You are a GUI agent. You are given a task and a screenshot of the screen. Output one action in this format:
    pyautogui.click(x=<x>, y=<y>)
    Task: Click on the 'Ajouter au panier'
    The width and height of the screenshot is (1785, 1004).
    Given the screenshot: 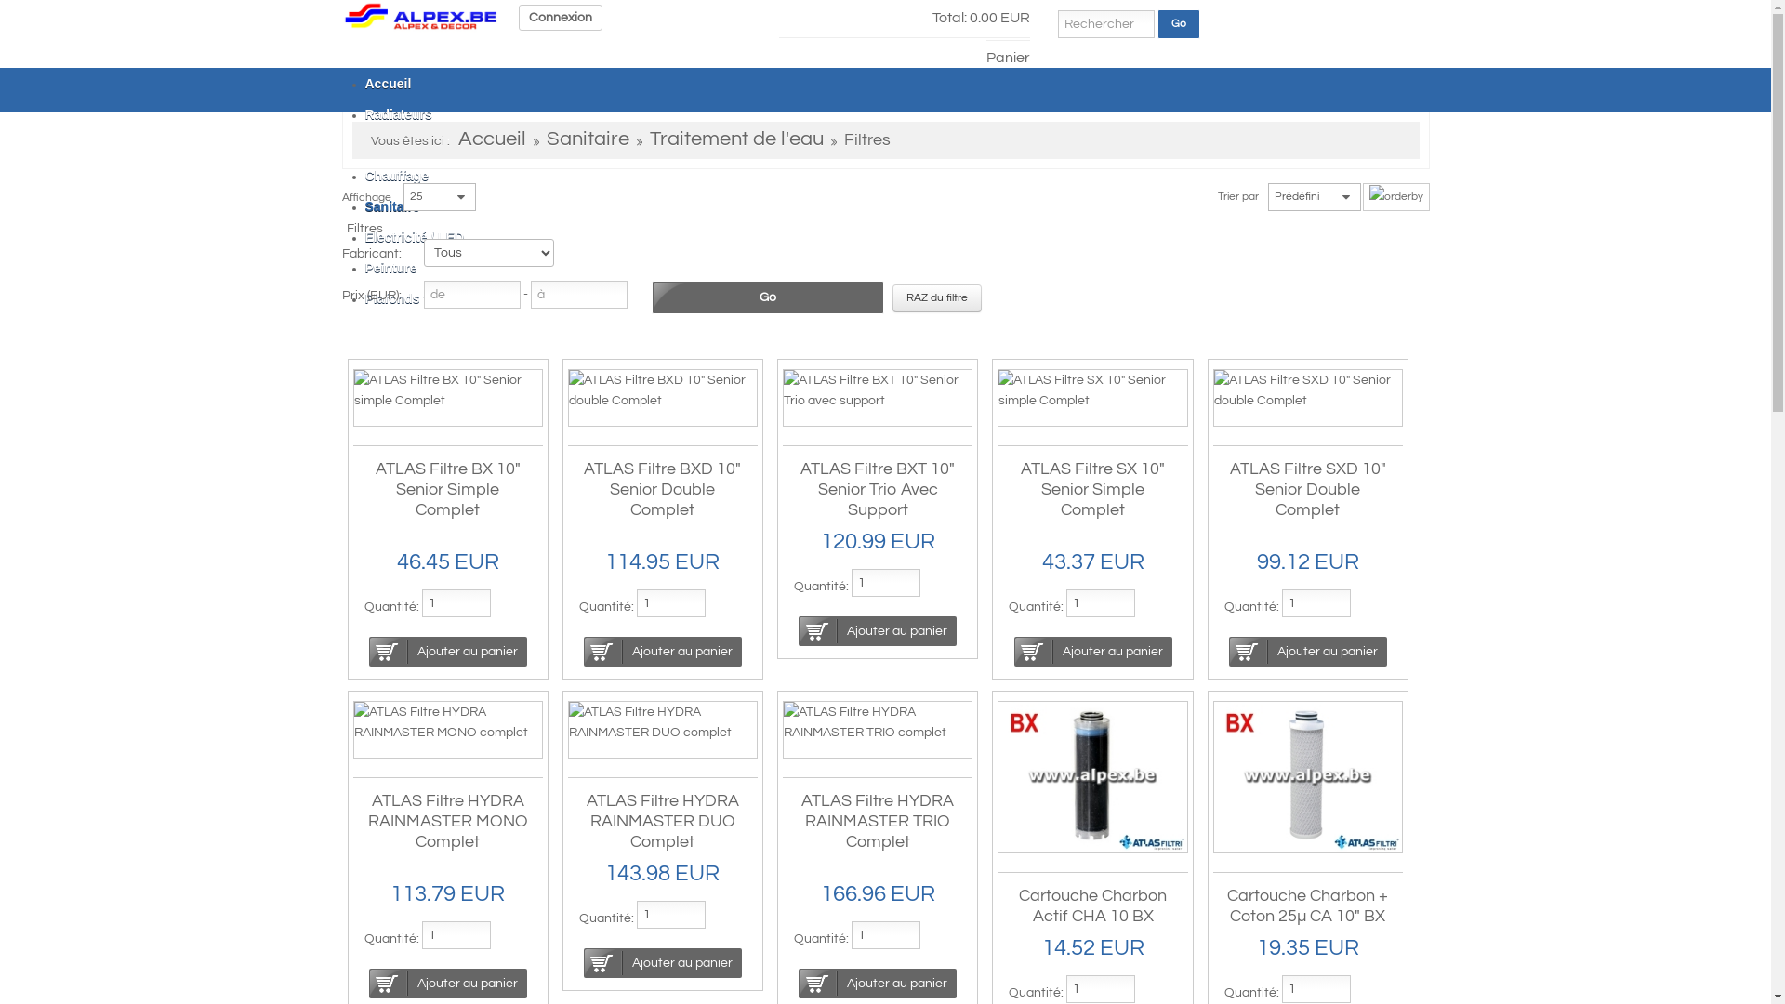 What is the action you would take?
    pyautogui.click(x=1306, y=651)
    